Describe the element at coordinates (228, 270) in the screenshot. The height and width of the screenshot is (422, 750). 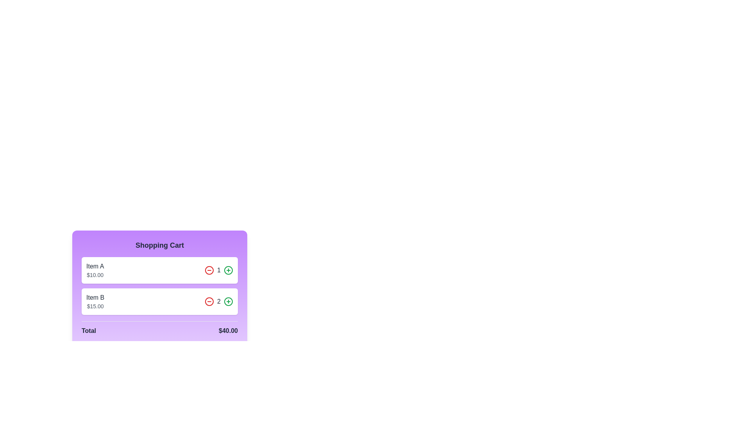
I see `the plus icon surrounding the circular SVG shape styled with a green stroke, which is part of the quantity control for 'Item A' in the shopping cart section` at that location.